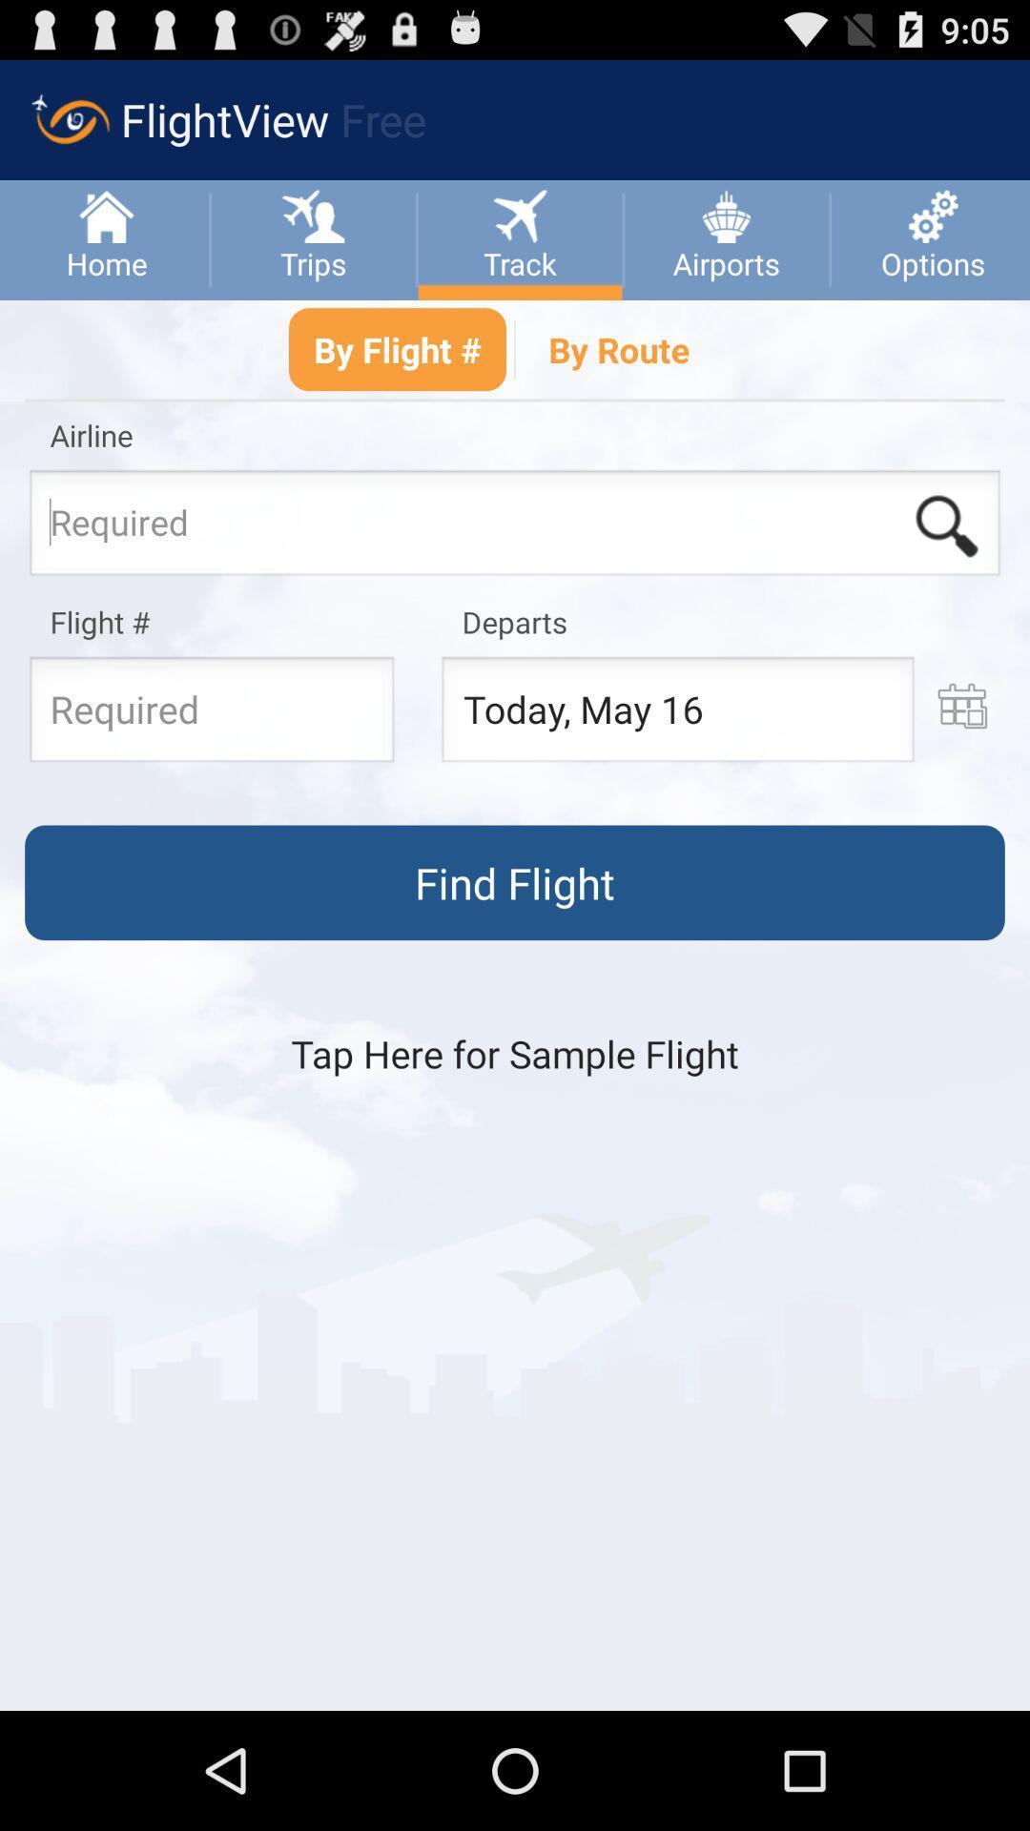 This screenshot has width=1030, height=1831. What do you see at coordinates (515, 528) in the screenshot?
I see `to research` at bounding box center [515, 528].